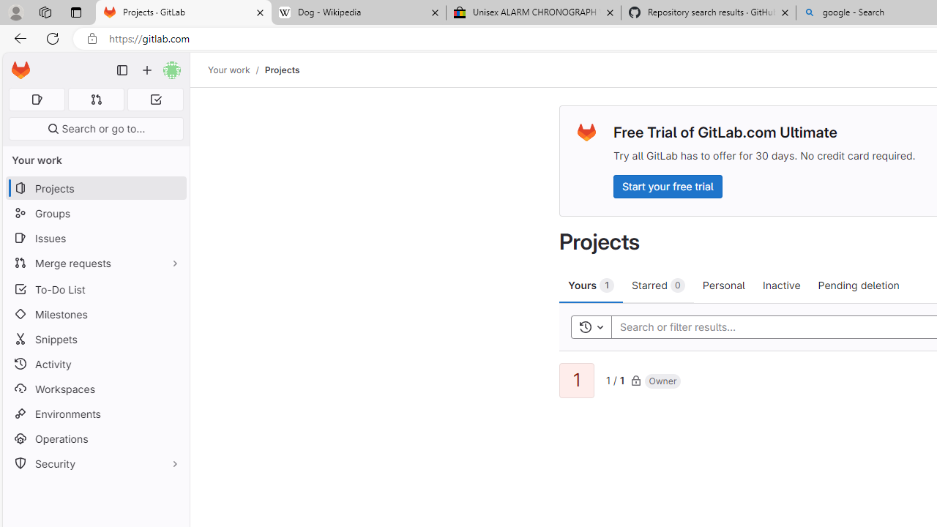 The image size is (937, 527). What do you see at coordinates (95, 414) in the screenshot?
I see `'Environments'` at bounding box center [95, 414].